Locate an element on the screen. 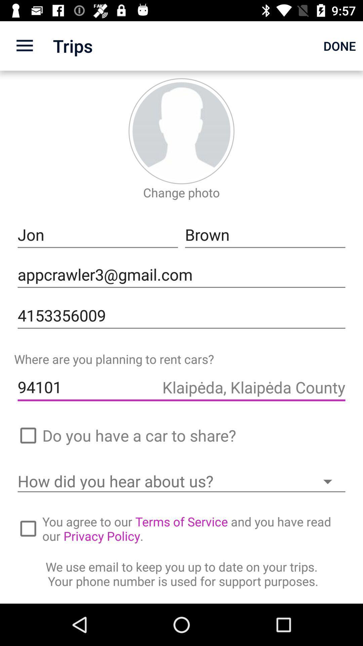 This screenshot has width=363, height=646. the icon above where are you item is located at coordinates (182, 315).